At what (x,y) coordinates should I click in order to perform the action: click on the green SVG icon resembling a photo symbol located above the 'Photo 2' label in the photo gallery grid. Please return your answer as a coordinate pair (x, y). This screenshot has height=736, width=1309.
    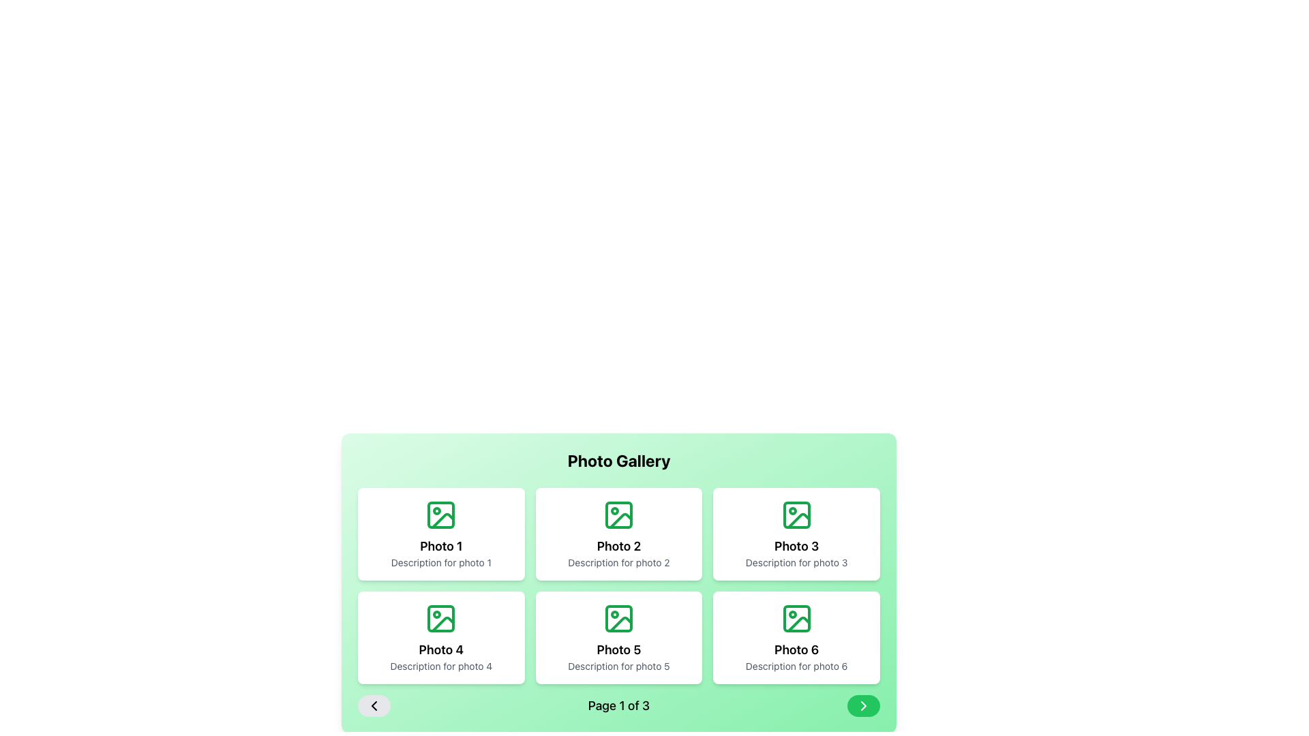
    Looking at the image, I should click on (618, 515).